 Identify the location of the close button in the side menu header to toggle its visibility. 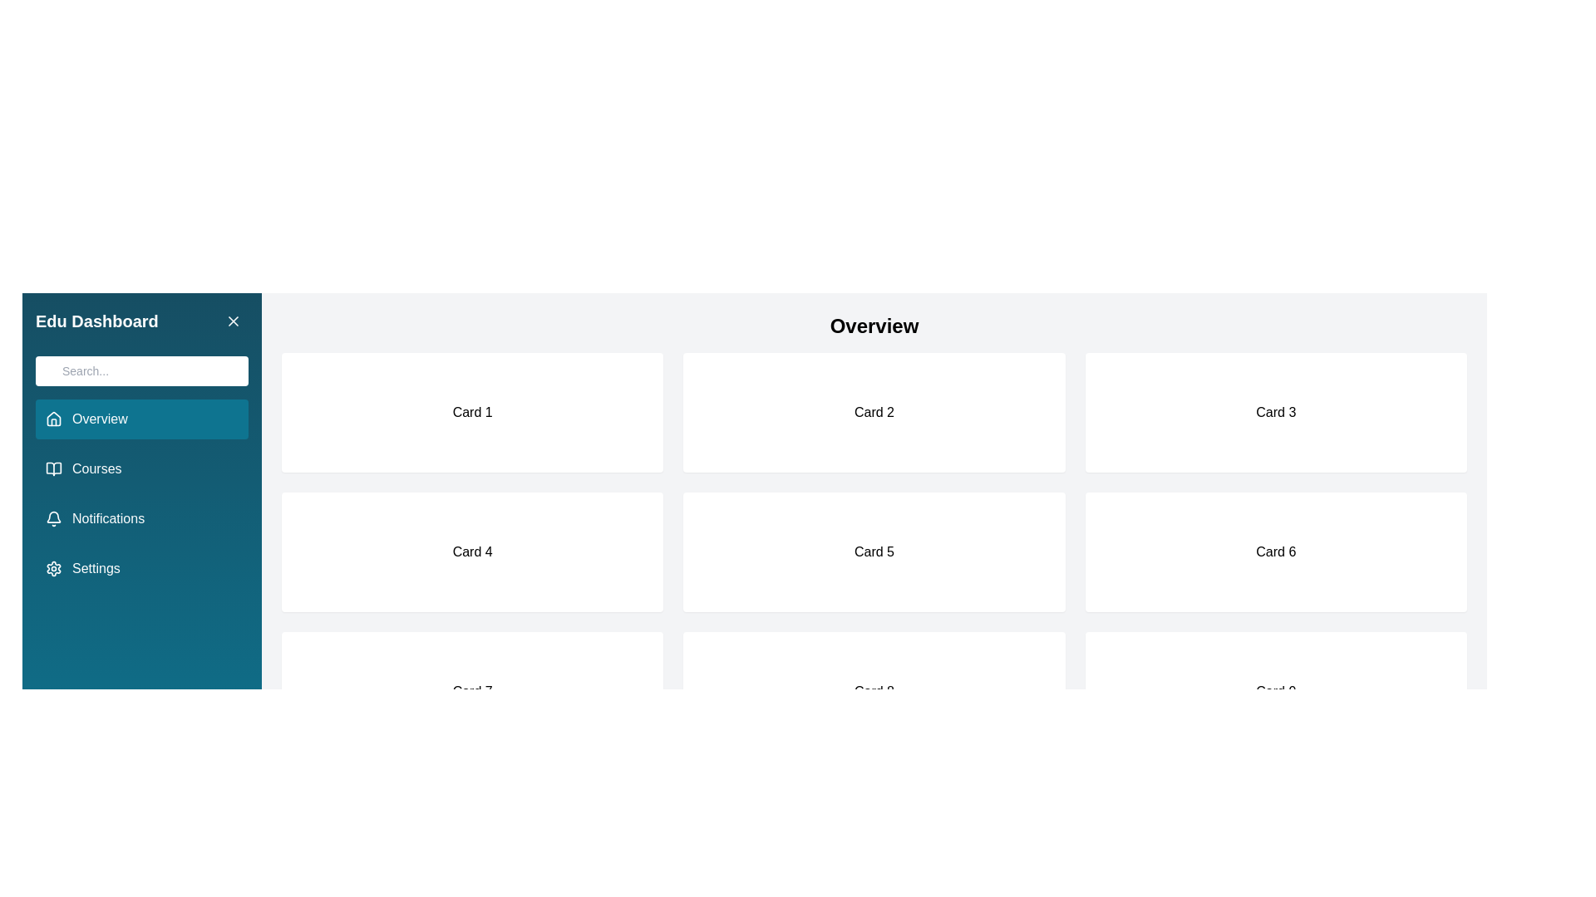
(233, 321).